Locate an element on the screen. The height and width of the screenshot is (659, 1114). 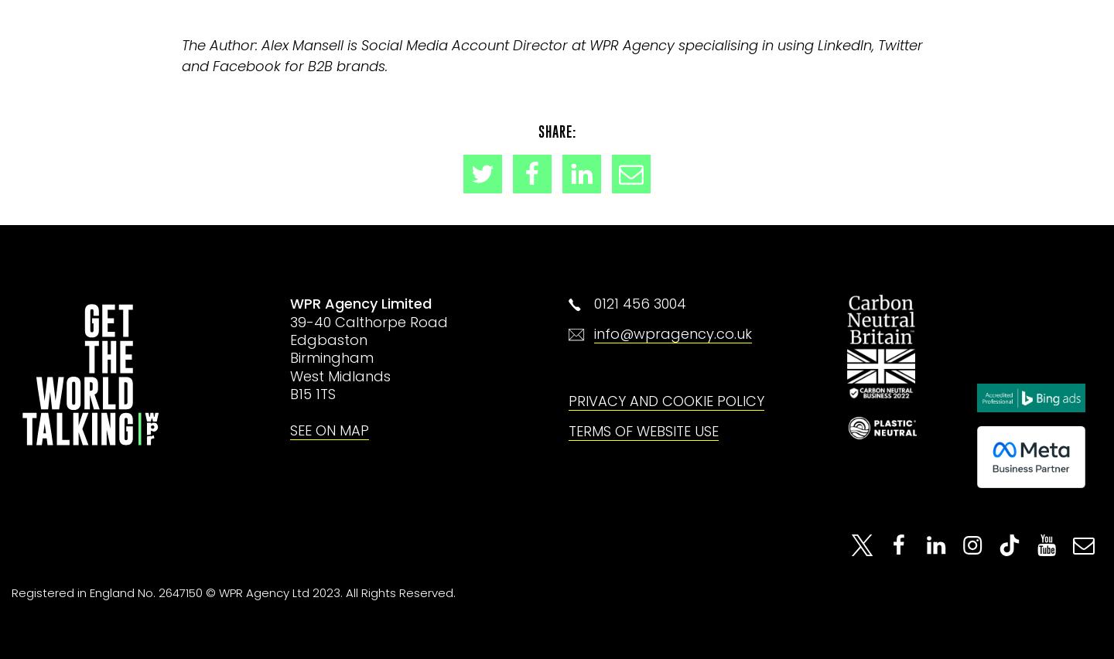
'WPR Agency Limited' is located at coordinates (361, 303).